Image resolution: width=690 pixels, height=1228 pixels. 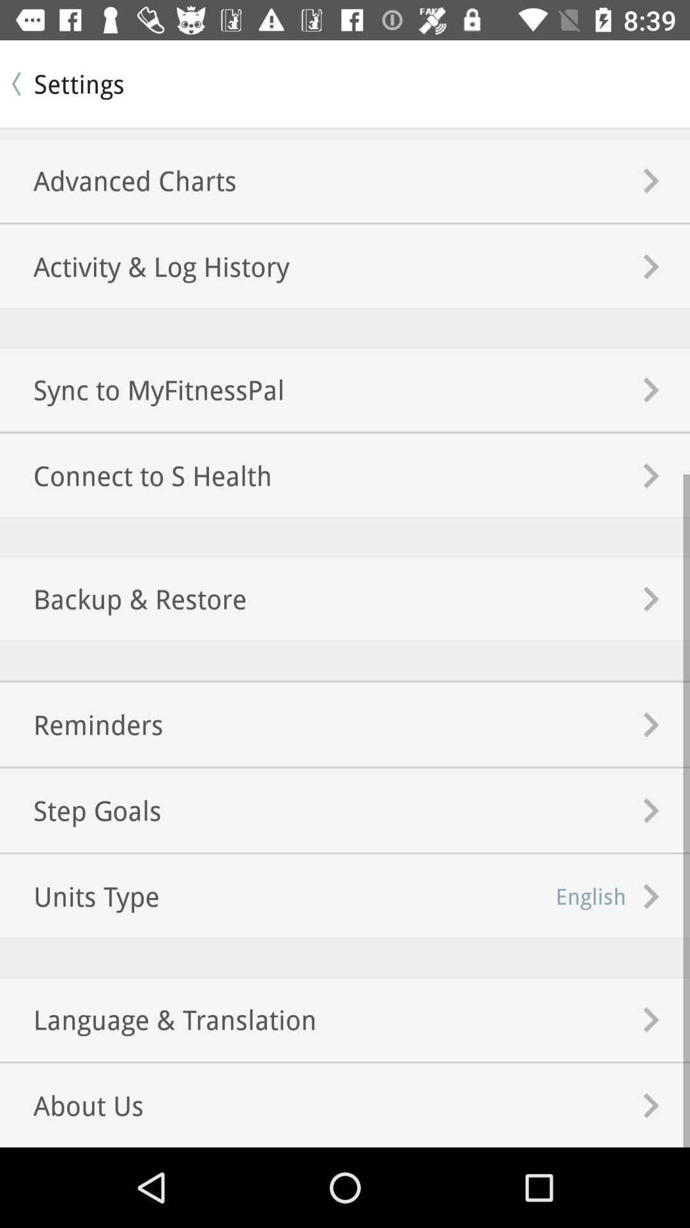 What do you see at coordinates (157, 1019) in the screenshot?
I see `the language & translation` at bounding box center [157, 1019].